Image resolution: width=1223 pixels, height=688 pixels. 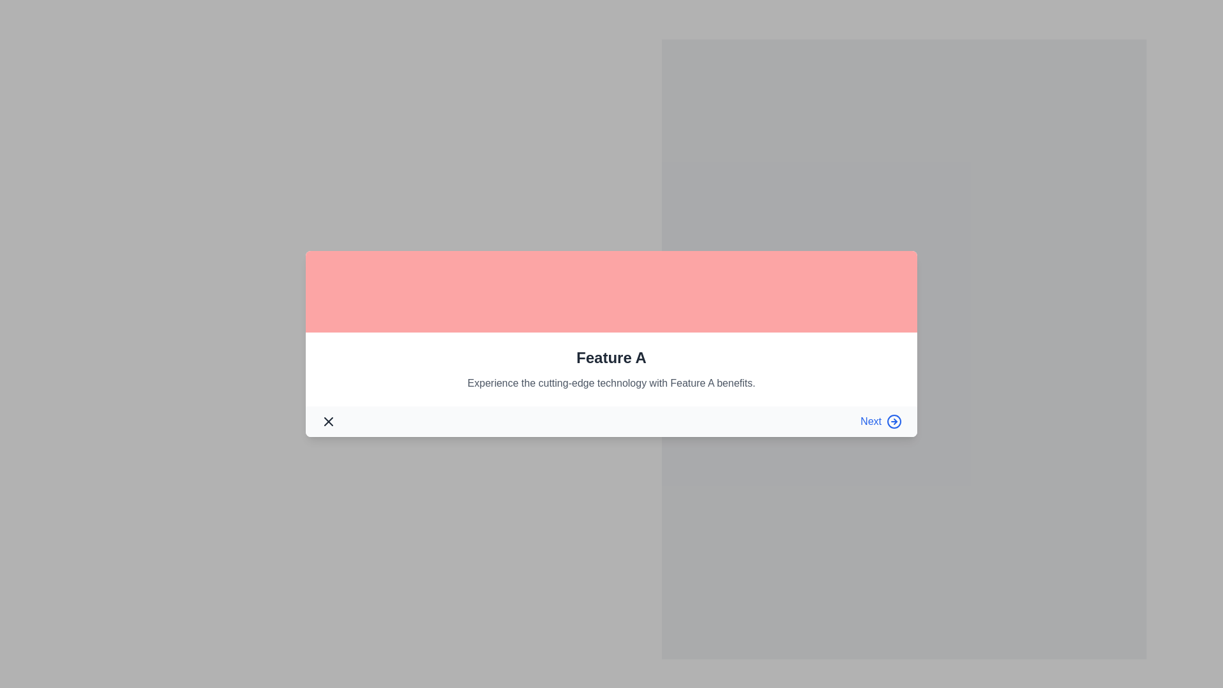 What do you see at coordinates (870, 422) in the screenshot?
I see `the 'Next' text label, which is styled in blue with medium-weight font and is located in the lower-right section of a centered modal window` at bounding box center [870, 422].